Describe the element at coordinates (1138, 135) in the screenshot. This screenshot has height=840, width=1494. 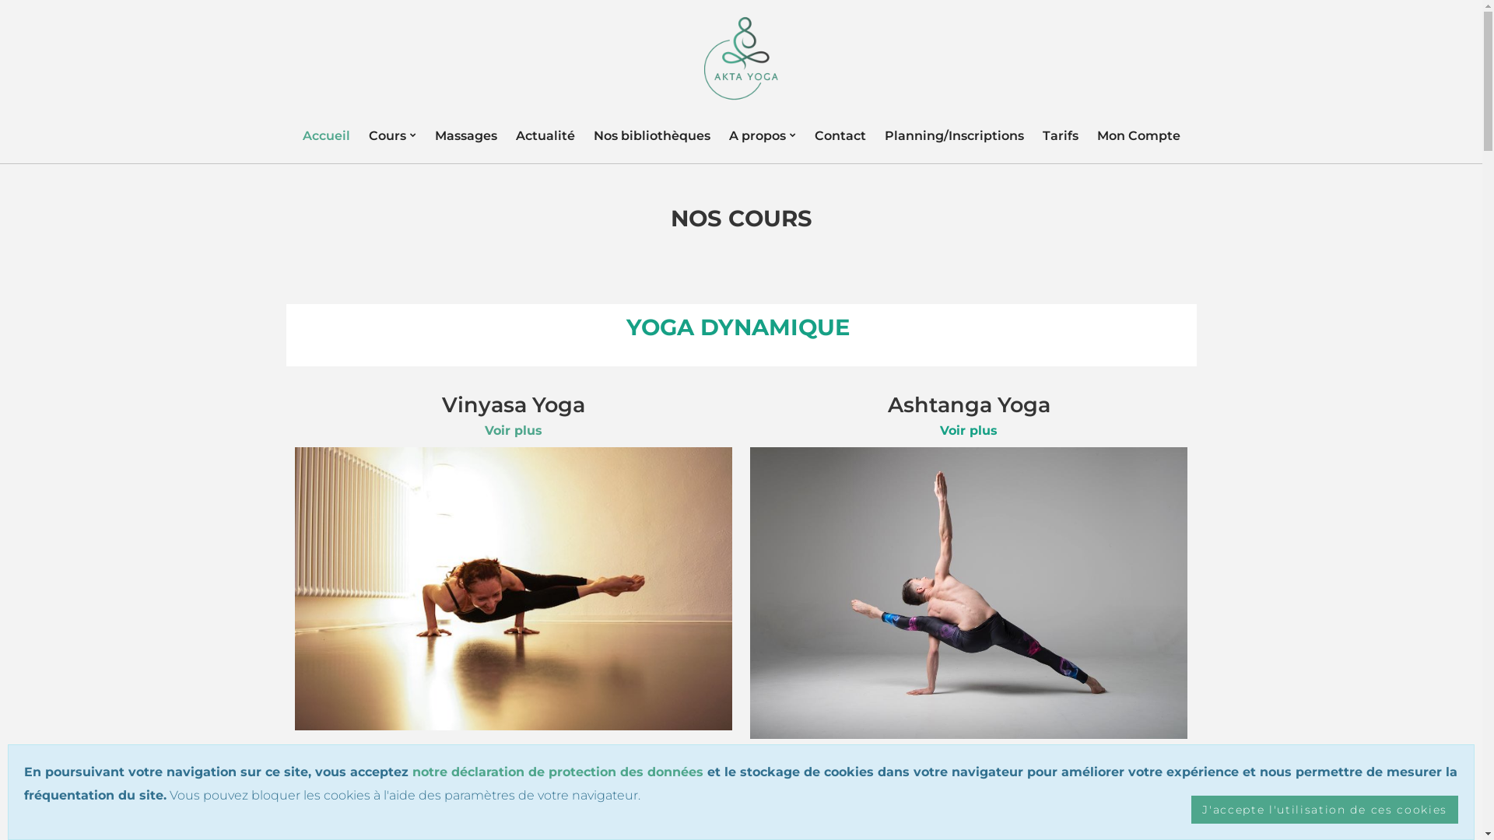
I see `'Mon Compte'` at that location.